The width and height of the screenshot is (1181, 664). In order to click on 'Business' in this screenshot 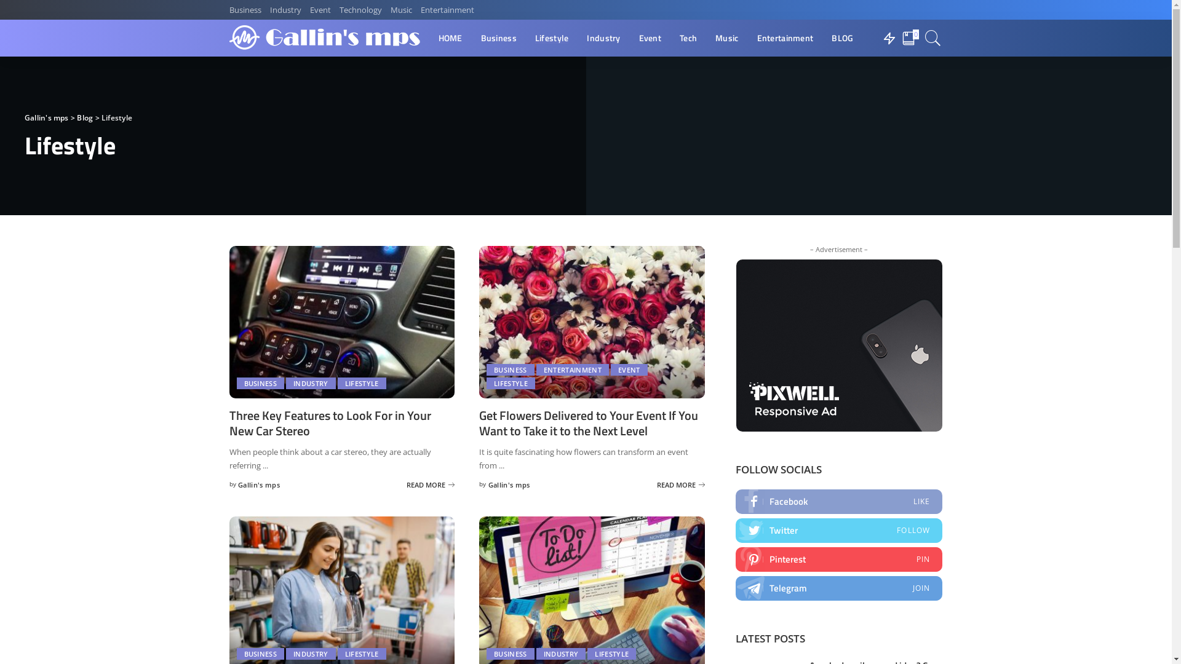, I will do `click(229, 10)`.